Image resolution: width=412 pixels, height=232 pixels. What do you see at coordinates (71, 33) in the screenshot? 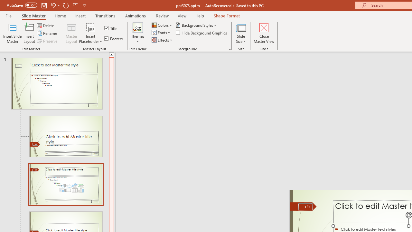
I see `'Master Layout...'` at bounding box center [71, 33].